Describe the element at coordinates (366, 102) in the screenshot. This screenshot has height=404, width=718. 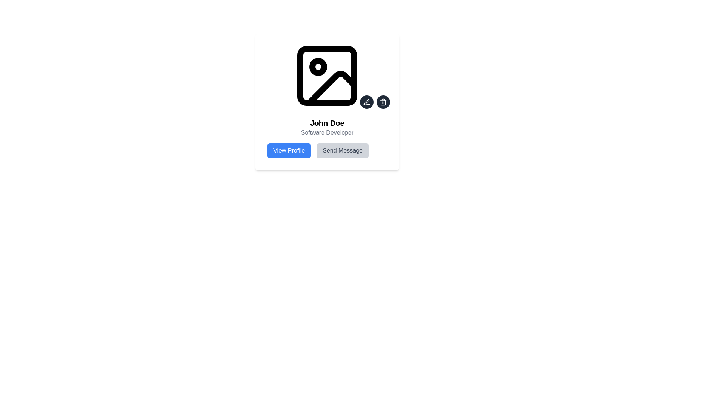
I see `the edit icon represented as a pen line in a white outline, located in the top-right corner of the profile card adjacent to the delete icon` at that location.